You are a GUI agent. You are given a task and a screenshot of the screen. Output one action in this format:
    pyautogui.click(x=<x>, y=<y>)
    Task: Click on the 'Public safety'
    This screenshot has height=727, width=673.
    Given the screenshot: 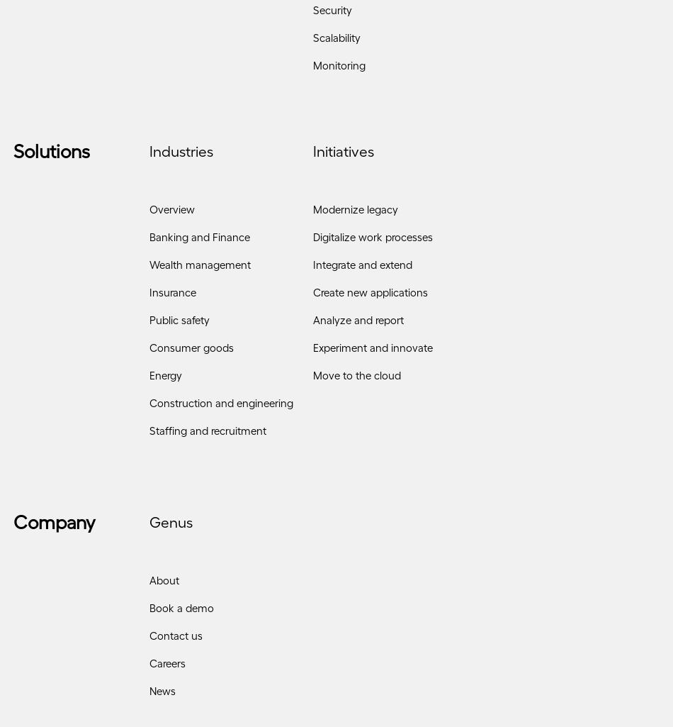 What is the action you would take?
    pyautogui.click(x=179, y=323)
    